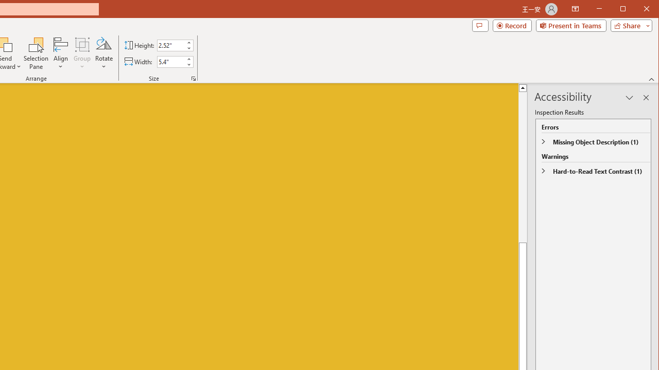  What do you see at coordinates (171, 62) in the screenshot?
I see `'Shape Width'` at bounding box center [171, 62].